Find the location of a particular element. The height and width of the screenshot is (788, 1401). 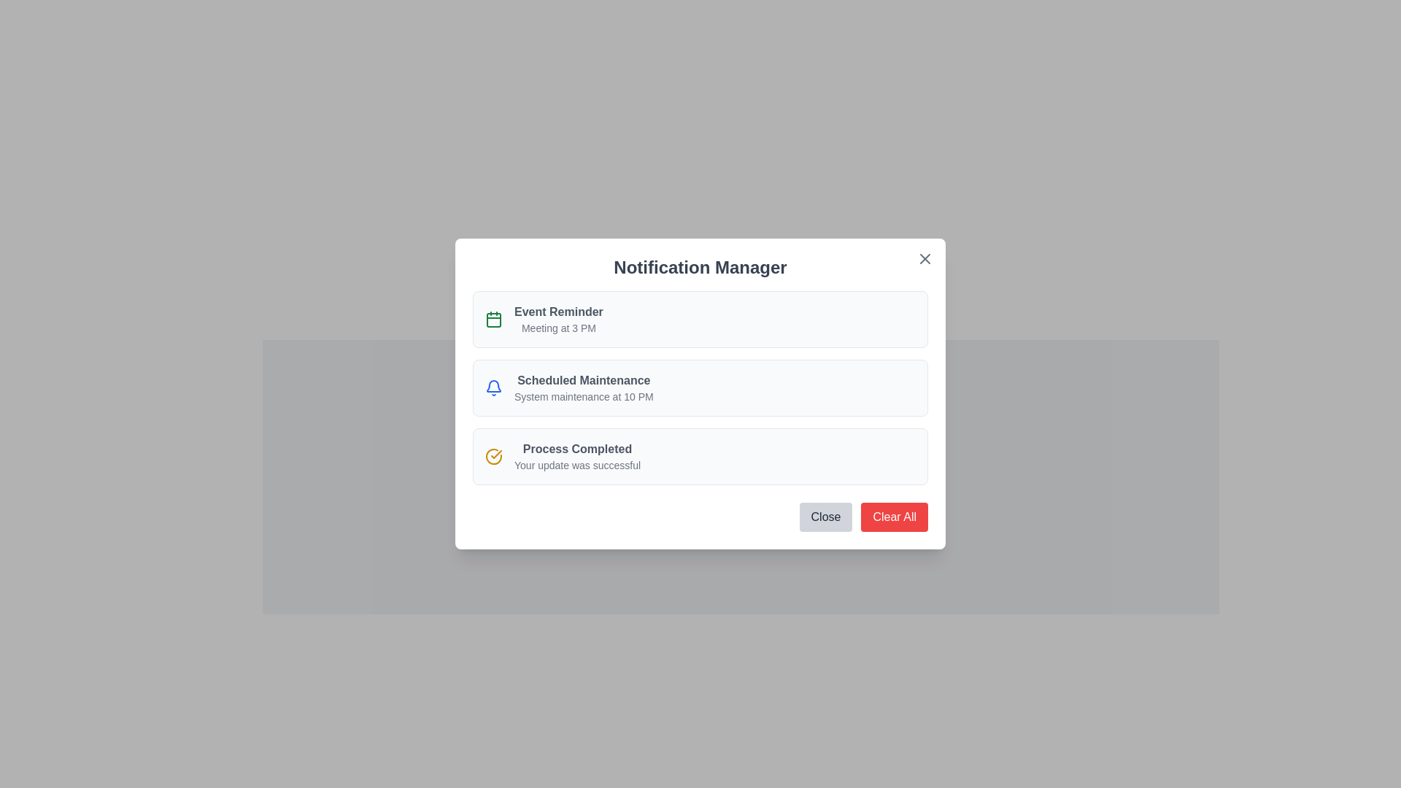

the 'Scheduled Maintenance' text label in bold gray font, which is centrally located within the 'Notification Manager' panel, representing the title of the second notification is located at coordinates (584, 379).